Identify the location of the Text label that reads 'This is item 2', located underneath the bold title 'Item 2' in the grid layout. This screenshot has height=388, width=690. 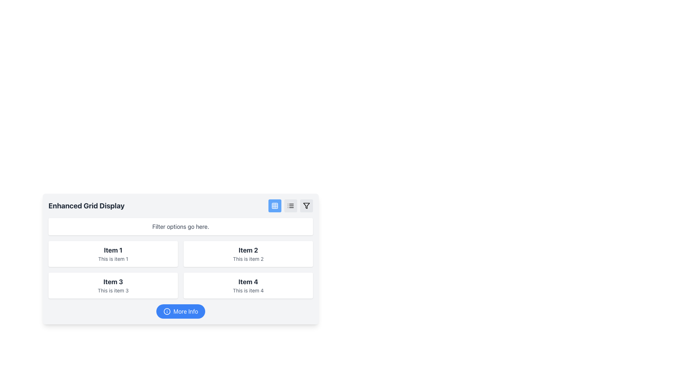
(248, 259).